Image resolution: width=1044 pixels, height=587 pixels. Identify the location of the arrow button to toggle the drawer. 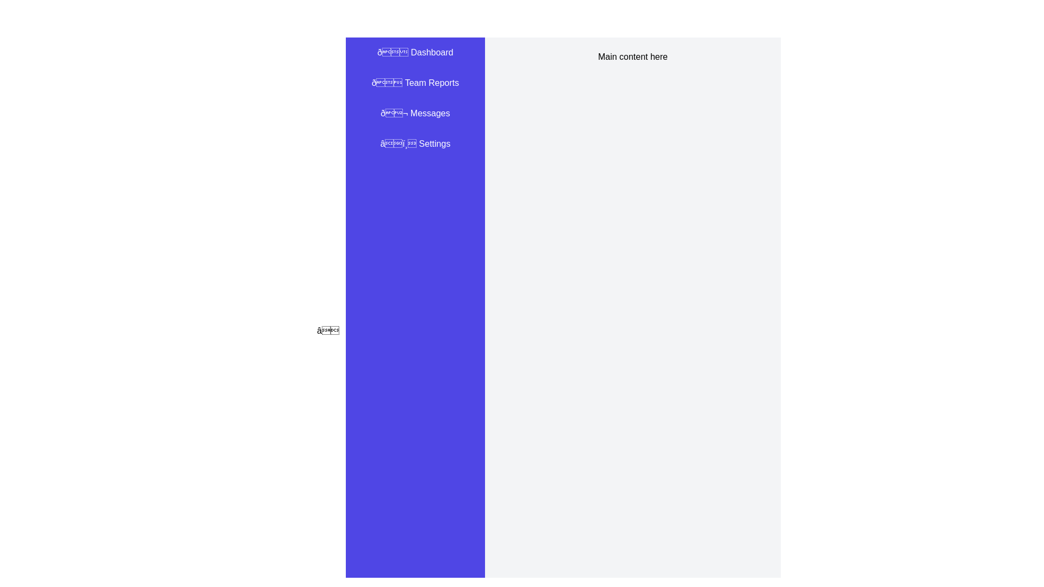
(327, 330).